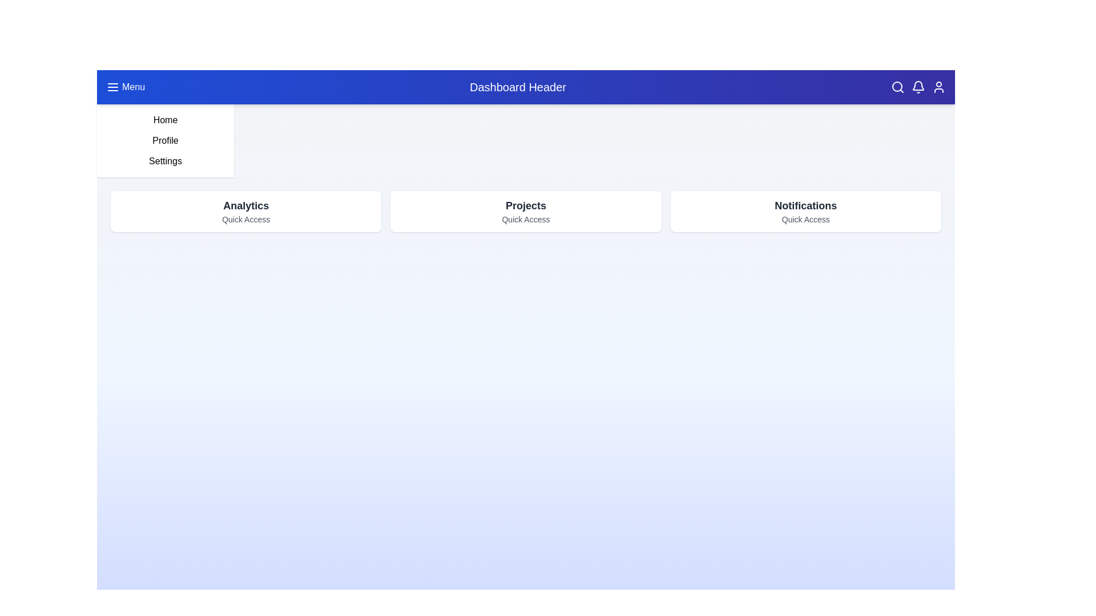 The width and height of the screenshot is (1096, 616). What do you see at coordinates (164, 120) in the screenshot?
I see `the menu option Home from the menu` at bounding box center [164, 120].